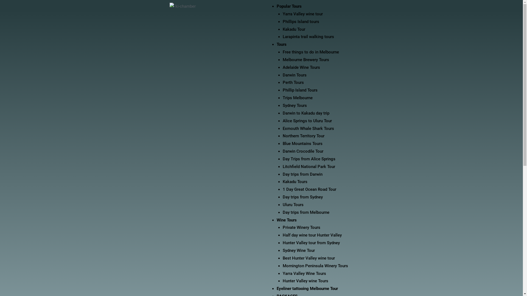 This screenshot has width=527, height=296. I want to click on '1 Day Great Ocean Road Tour', so click(309, 189).